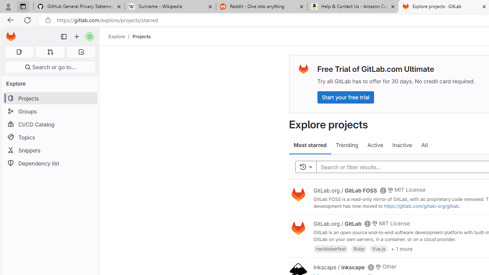 Image resolution: width=489 pixels, height=275 pixels. Describe the element at coordinates (50, 124) in the screenshot. I see `'CI/CD Catalog'` at that location.